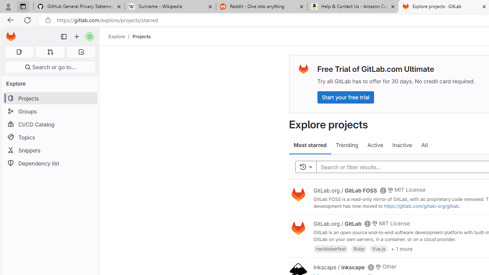 Image resolution: width=489 pixels, height=275 pixels. Describe the element at coordinates (50, 124) in the screenshot. I see `'CI/CD Catalog'` at that location.